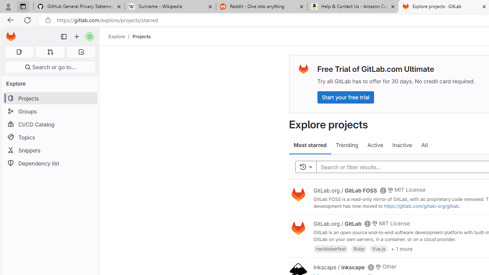 Image resolution: width=489 pixels, height=275 pixels. Describe the element at coordinates (50, 124) in the screenshot. I see `'CI/CD Catalog'` at that location.